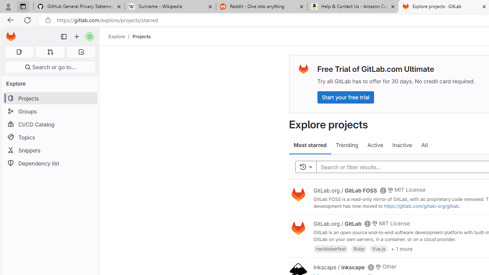 Image resolution: width=489 pixels, height=275 pixels. Describe the element at coordinates (50, 124) in the screenshot. I see `'CI/CD Catalog'` at that location.